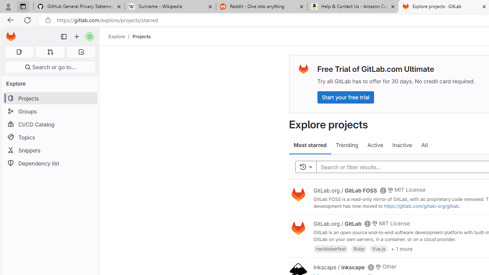 Image resolution: width=489 pixels, height=275 pixels. Describe the element at coordinates (50, 124) in the screenshot. I see `'CI/CD Catalog'` at that location.